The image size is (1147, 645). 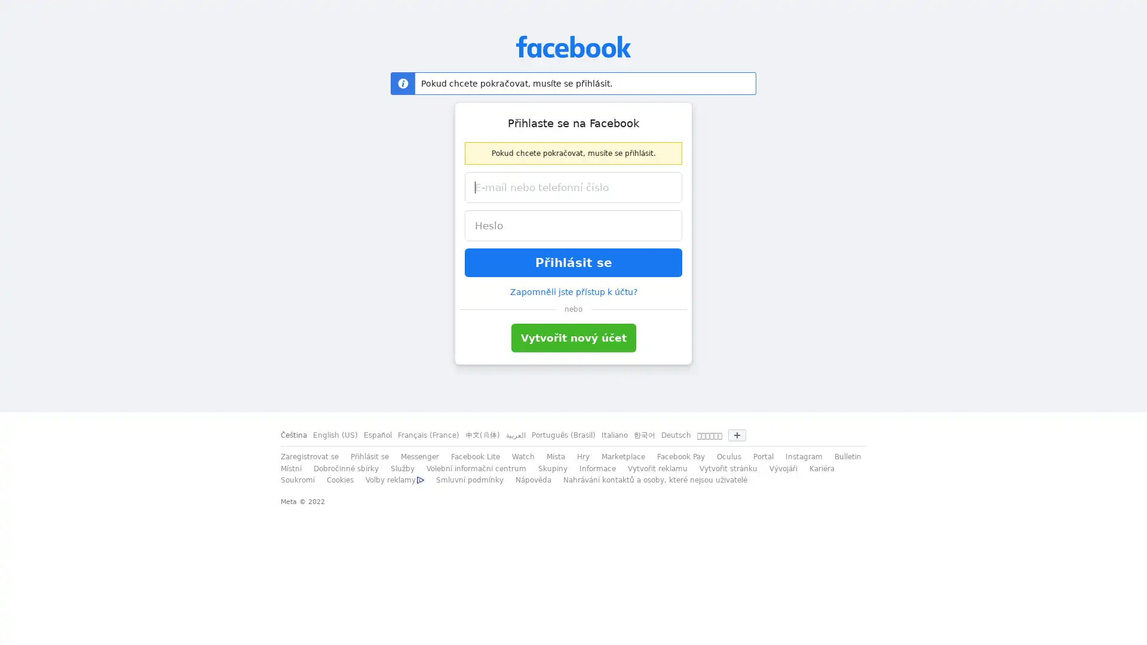 I want to click on Prihlasit se, so click(x=573, y=262).